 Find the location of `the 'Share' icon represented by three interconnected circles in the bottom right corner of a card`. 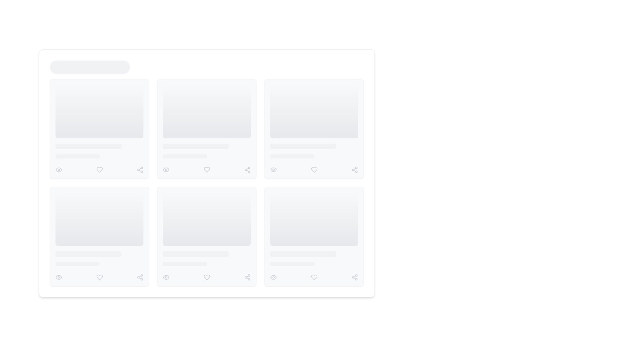

the 'Share' icon represented by three interconnected circles in the bottom right corner of a card is located at coordinates (247, 277).